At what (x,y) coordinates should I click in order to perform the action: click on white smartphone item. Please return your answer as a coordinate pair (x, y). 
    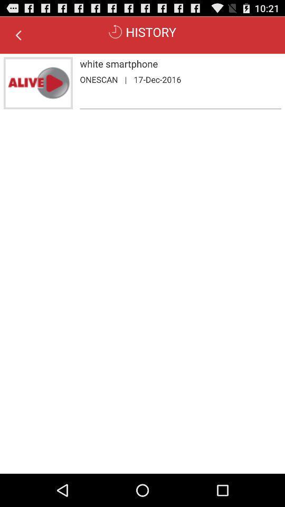
    Looking at the image, I should click on (180, 63).